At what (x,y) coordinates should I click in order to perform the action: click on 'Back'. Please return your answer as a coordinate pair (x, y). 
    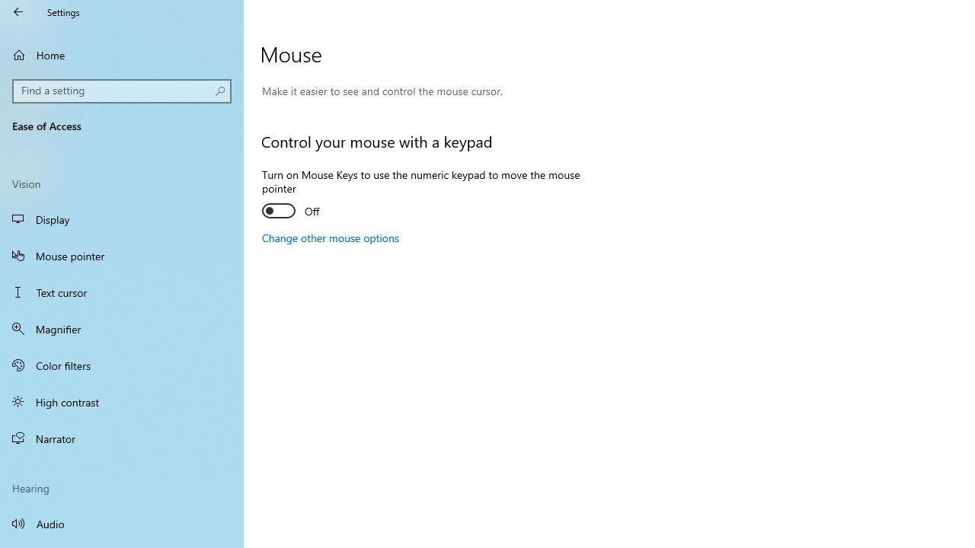
    Looking at the image, I should click on (18, 11).